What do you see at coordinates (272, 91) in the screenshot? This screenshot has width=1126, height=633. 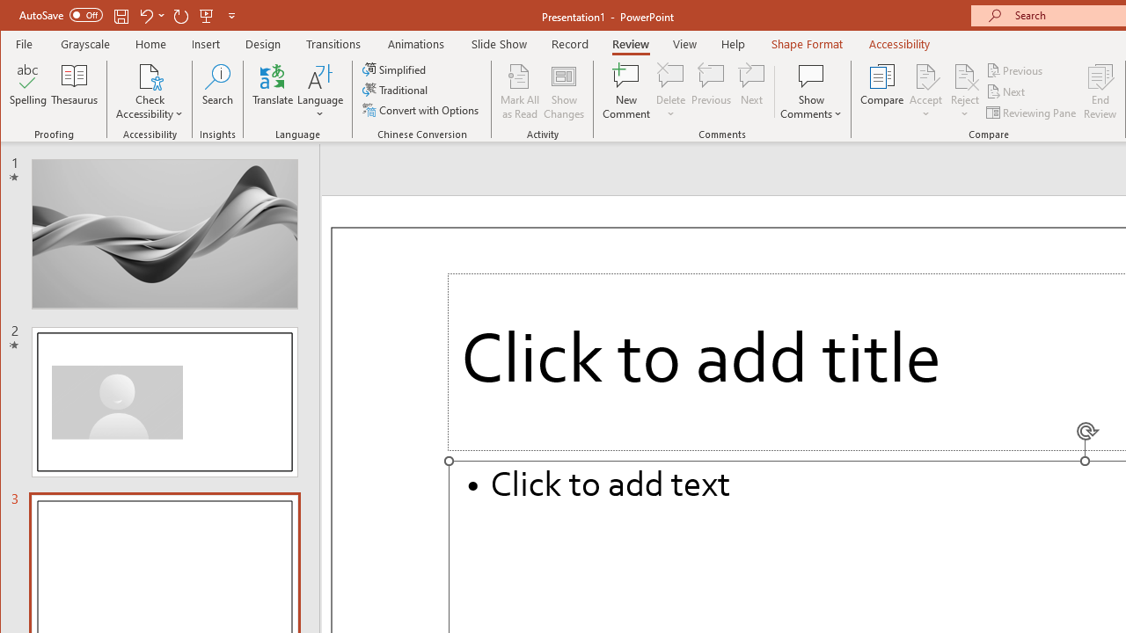 I see `'Translate'` at bounding box center [272, 91].